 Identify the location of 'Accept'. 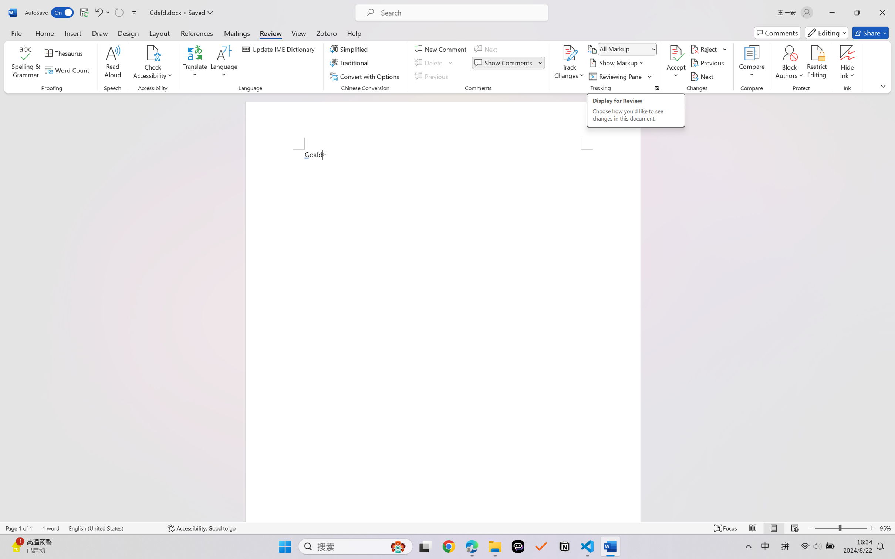
(676, 63).